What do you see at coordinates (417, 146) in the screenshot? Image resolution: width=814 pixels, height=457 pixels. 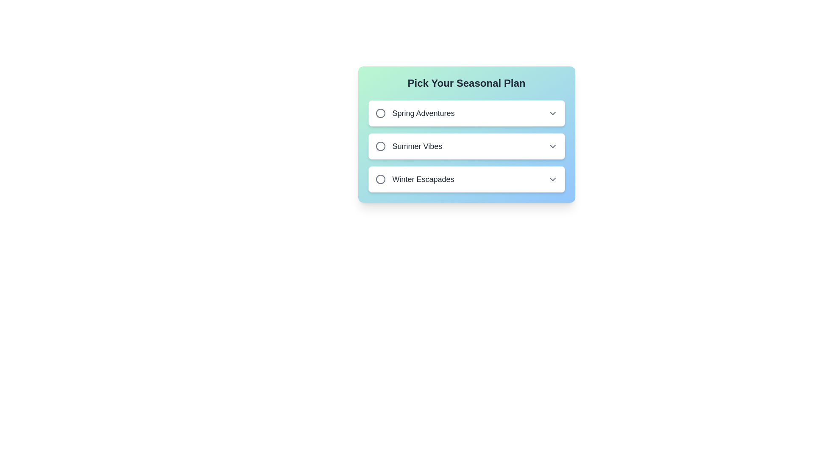 I see `the interactive elements associated with the second entry in the 'Pick Your Seasonal Plan' list, which is positioned below 'Spring Adventures' and above 'Winter Escapades.'` at bounding box center [417, 146].